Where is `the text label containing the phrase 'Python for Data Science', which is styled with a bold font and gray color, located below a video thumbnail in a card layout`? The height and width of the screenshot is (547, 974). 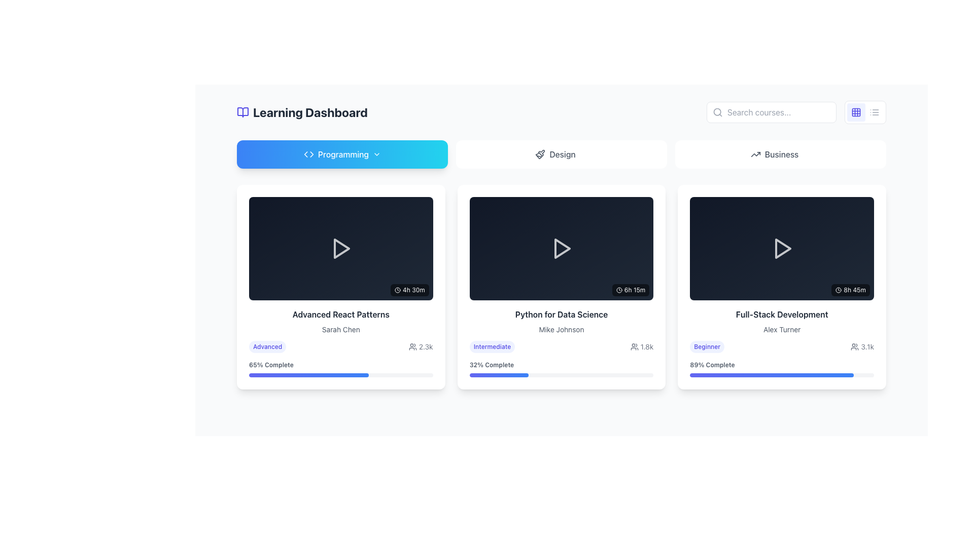 the text label containing the phrase 'Python for Data Science', which is styled with a bold font and gray color, located below a video thumbnail in a card layout is located at coordinates (561, 314).